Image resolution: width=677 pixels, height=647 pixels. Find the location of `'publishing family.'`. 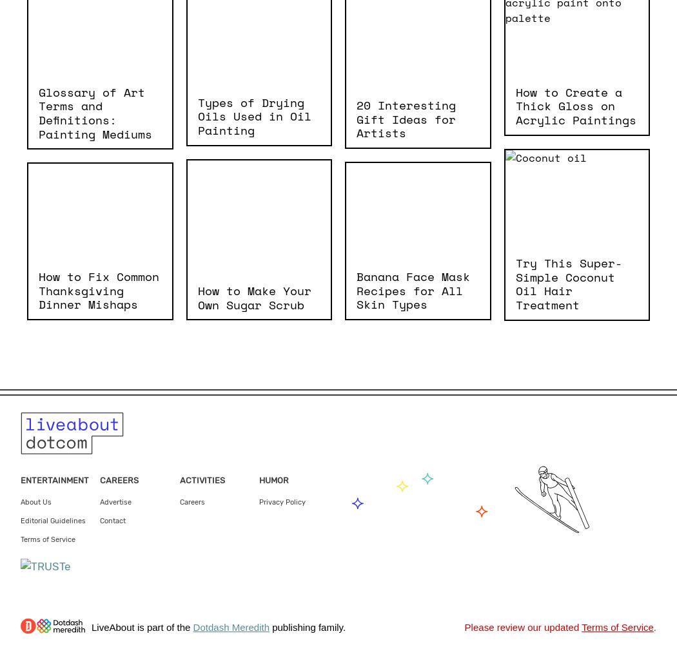

'publishing family.' is located at coordinates (308, 626).